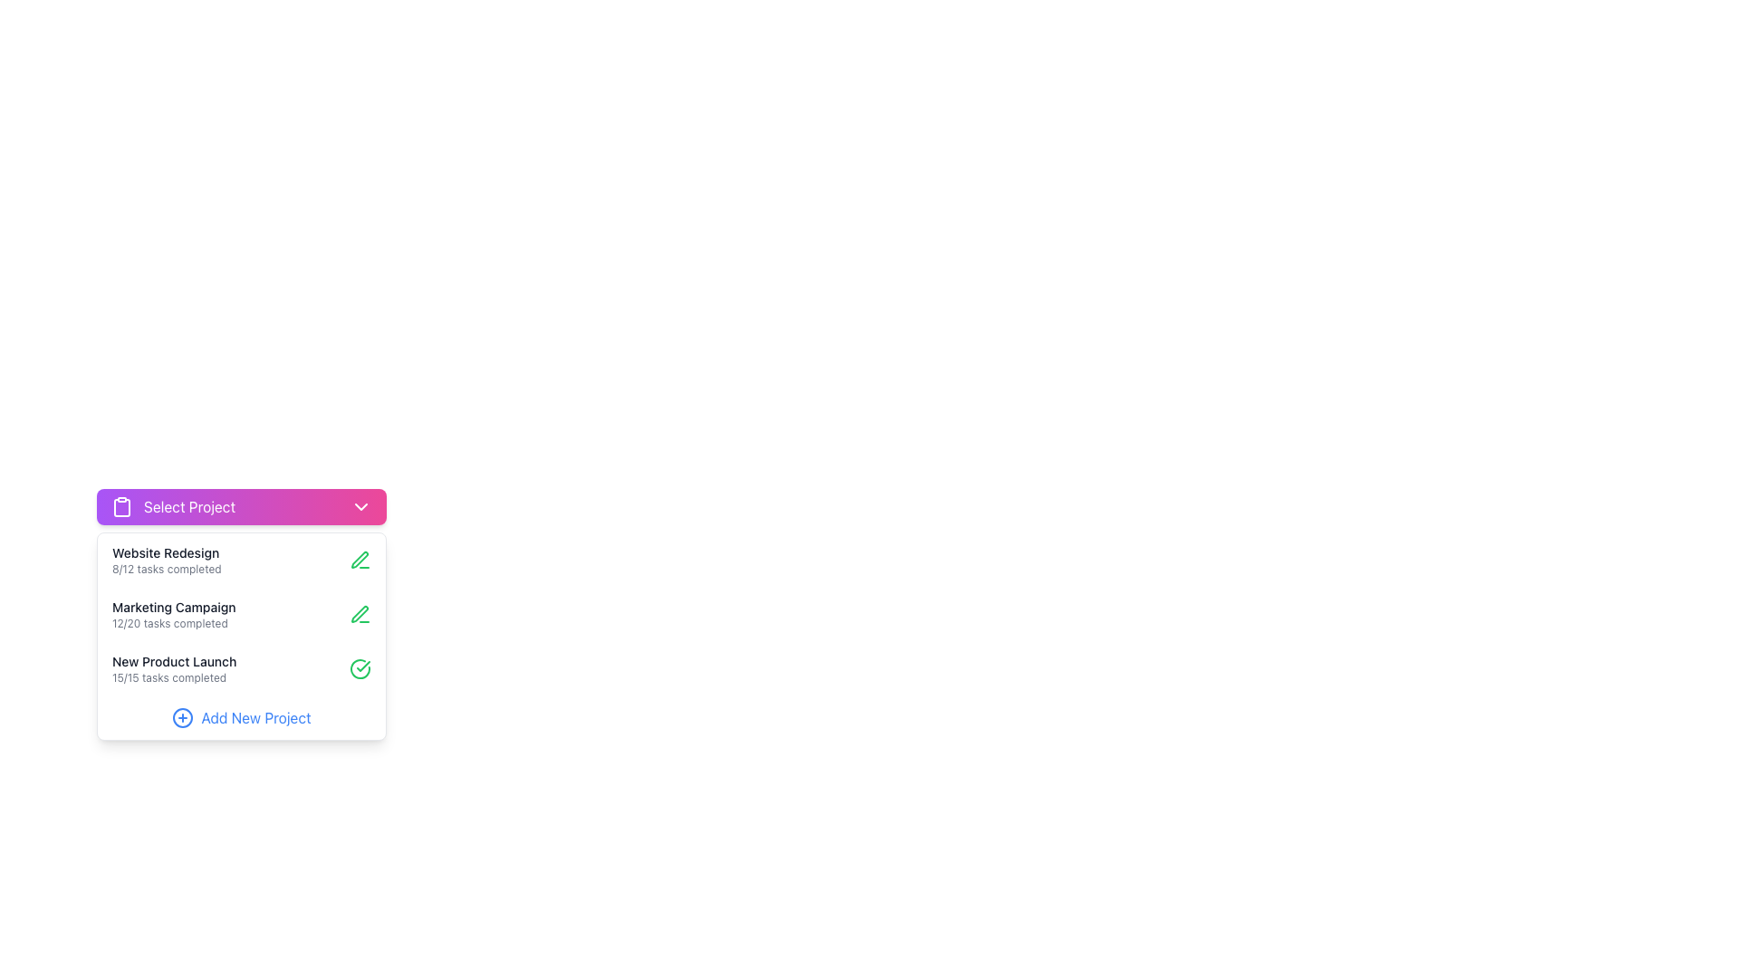 The width and height of the screenshot is (1739, 978). Describe the element at coordinates (174, 608) in the screenshot. I see `the title text element of a project entry in the 'Select Project' dropdown interface, which visually separates it from the completion status below` at that location.